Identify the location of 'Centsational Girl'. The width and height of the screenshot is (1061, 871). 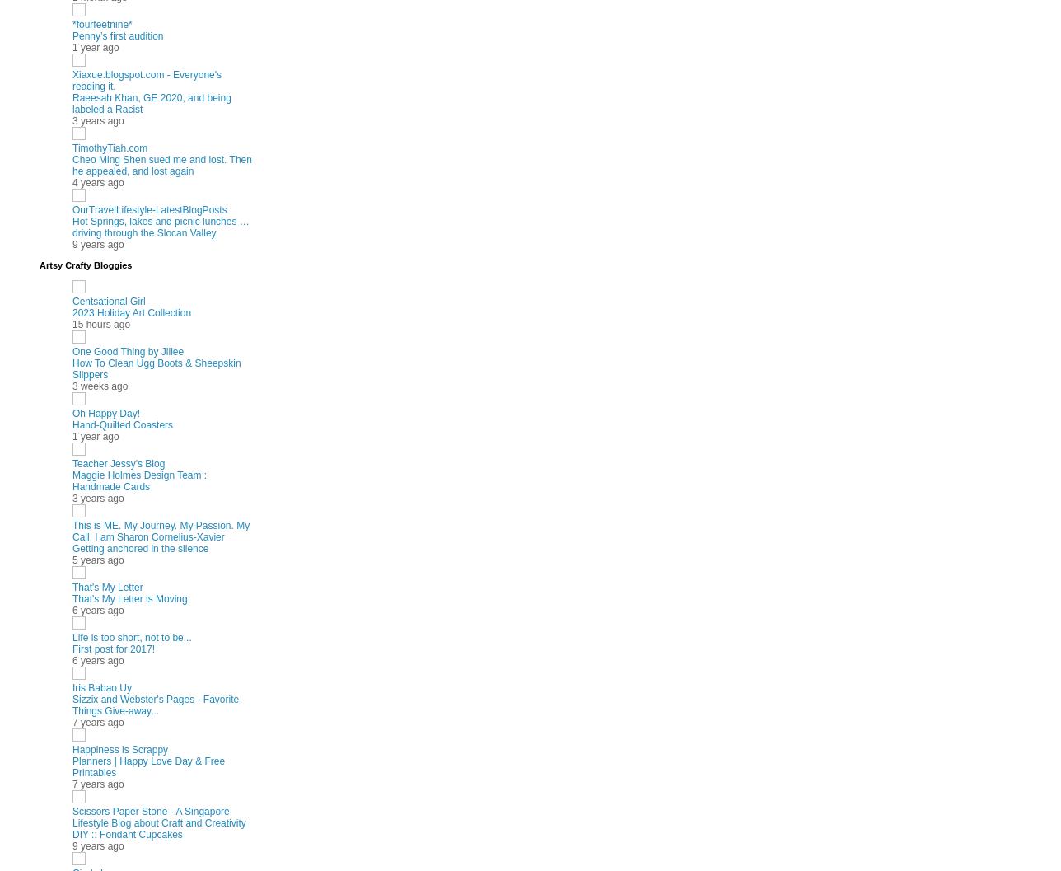
(109, 300).